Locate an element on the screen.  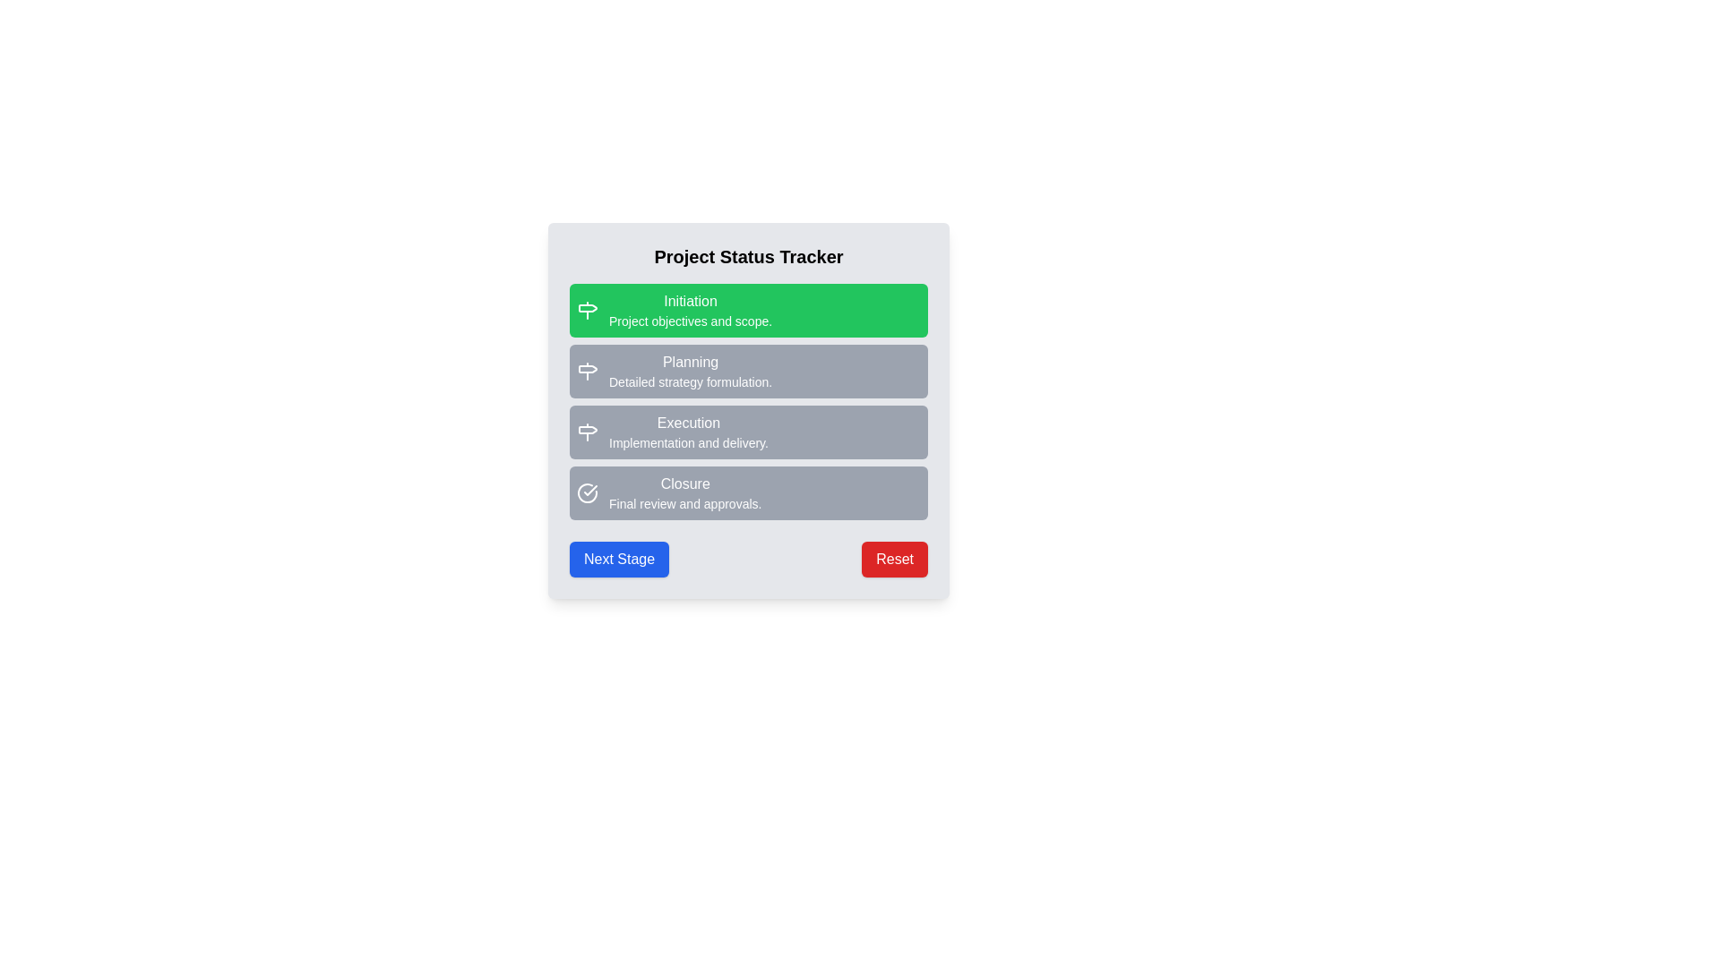
the small white milestone marker icon, which is enclosed in a gray button-like component and located to the left of the 'Planning' button is located at coordinates (588, 371).